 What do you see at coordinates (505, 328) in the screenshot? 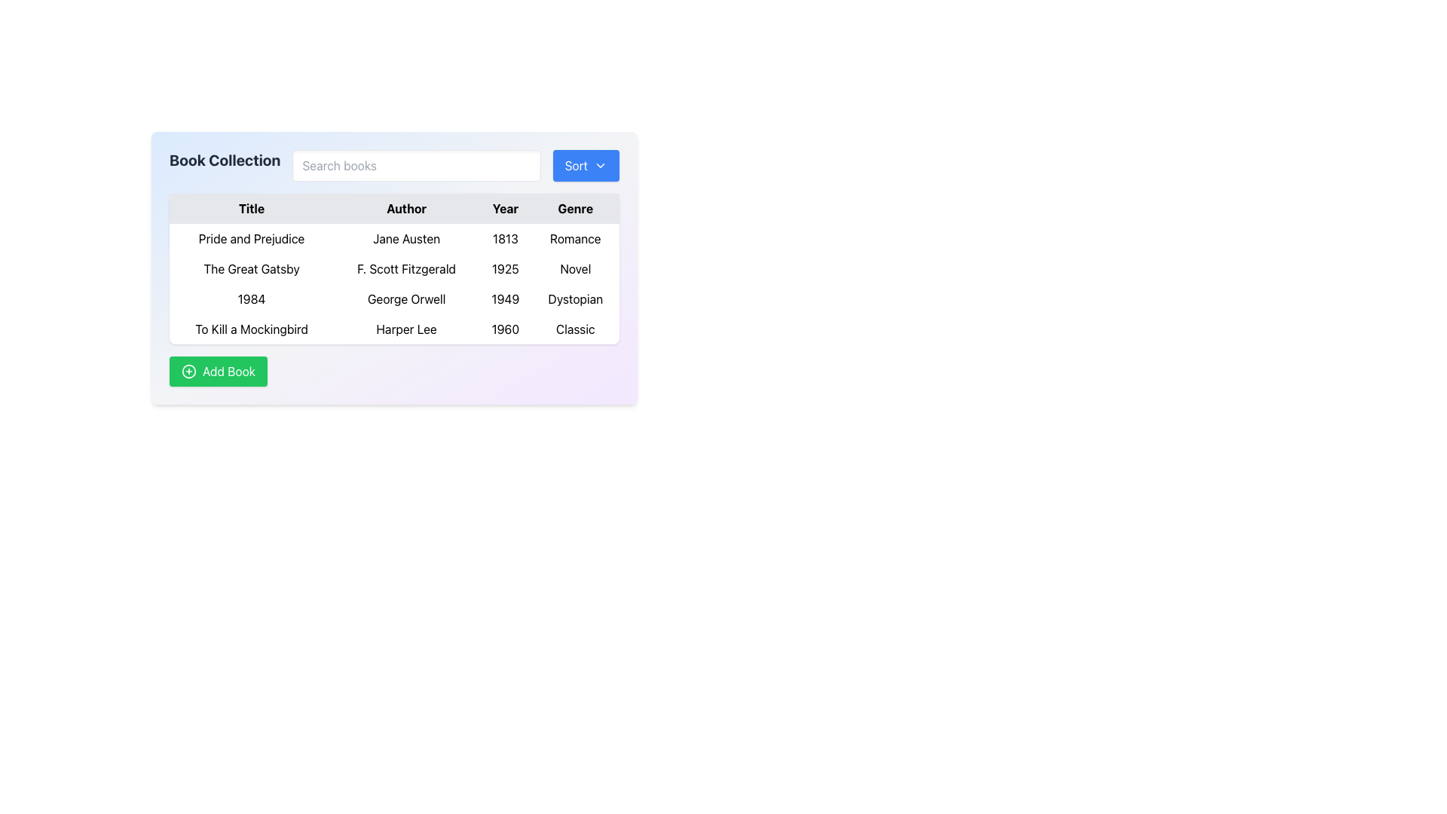
I see `the static text label displaying '1960' in the 'Year' column of the table for the book 'To Kill a Mockingbird'` at bounding box center [505, 328].